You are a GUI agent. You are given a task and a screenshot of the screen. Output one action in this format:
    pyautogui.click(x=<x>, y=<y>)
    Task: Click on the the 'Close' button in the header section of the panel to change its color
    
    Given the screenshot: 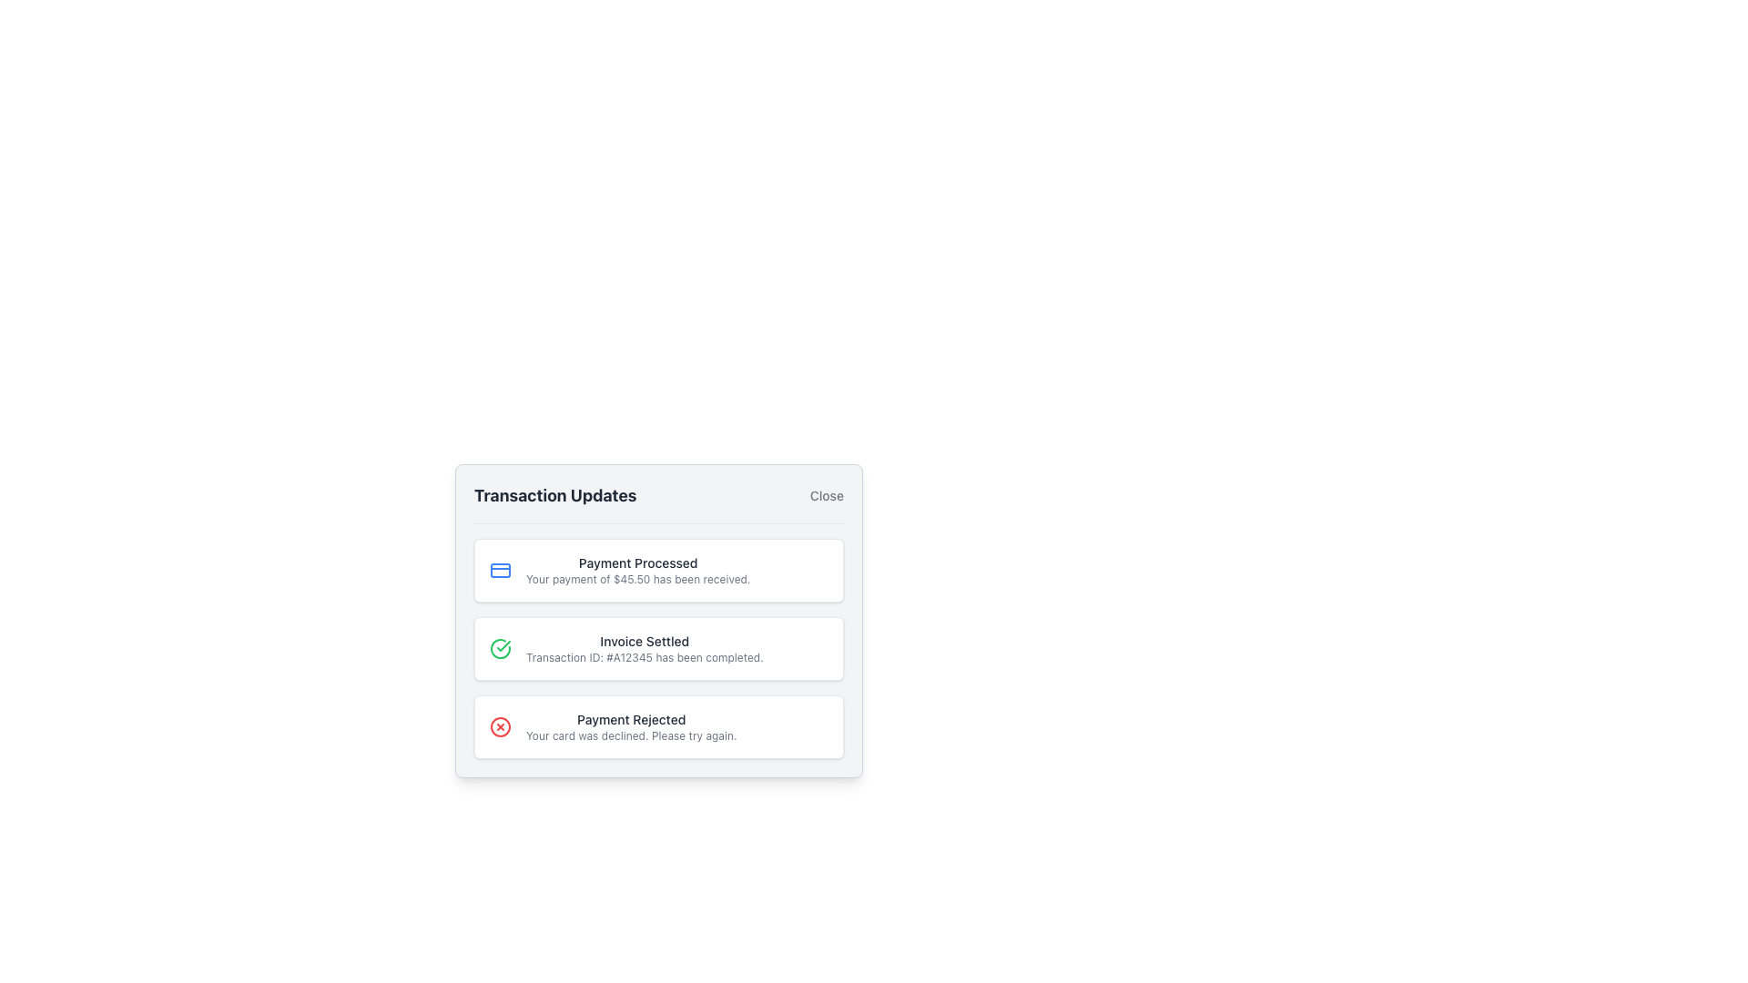 What is the action you would take?
    pyautogui.click(x=826, y=495)
    